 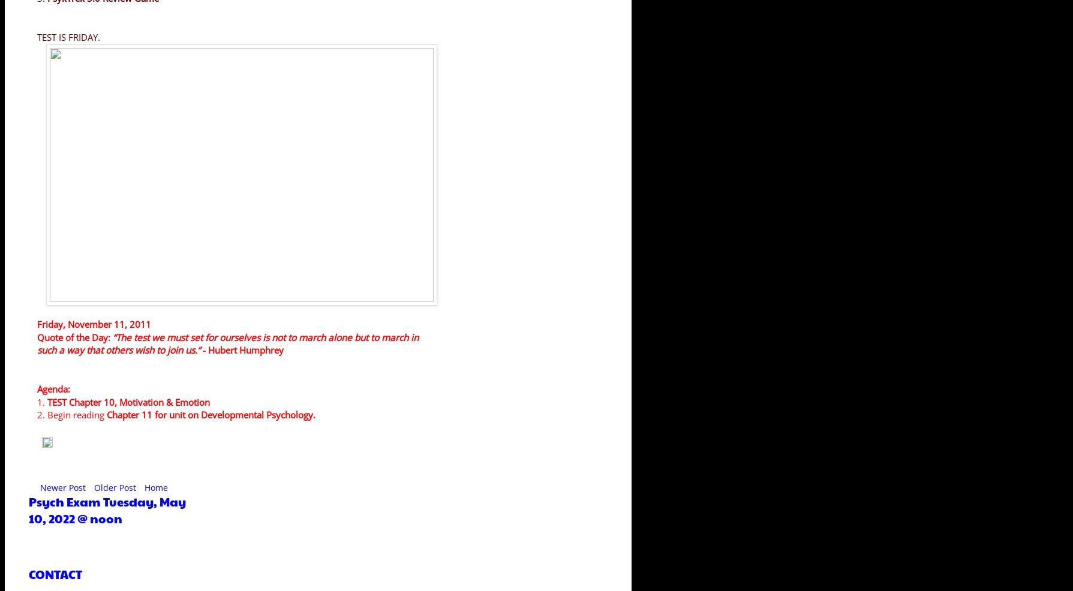 I want to click on 'Friday, November 11, 2011', so click(x=37, y=324).